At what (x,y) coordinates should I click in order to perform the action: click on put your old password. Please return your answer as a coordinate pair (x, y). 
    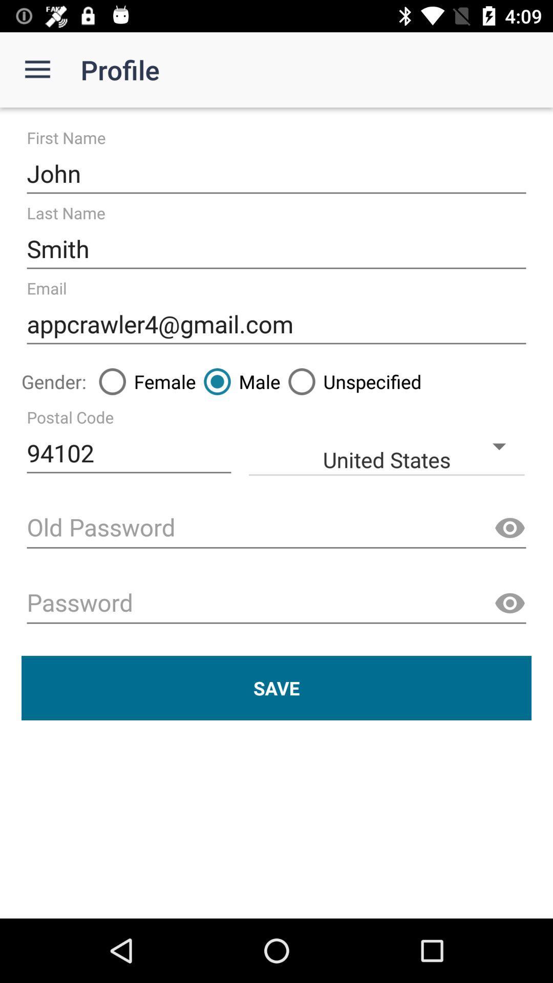
    Looking at the image, I should click on (276, 528).